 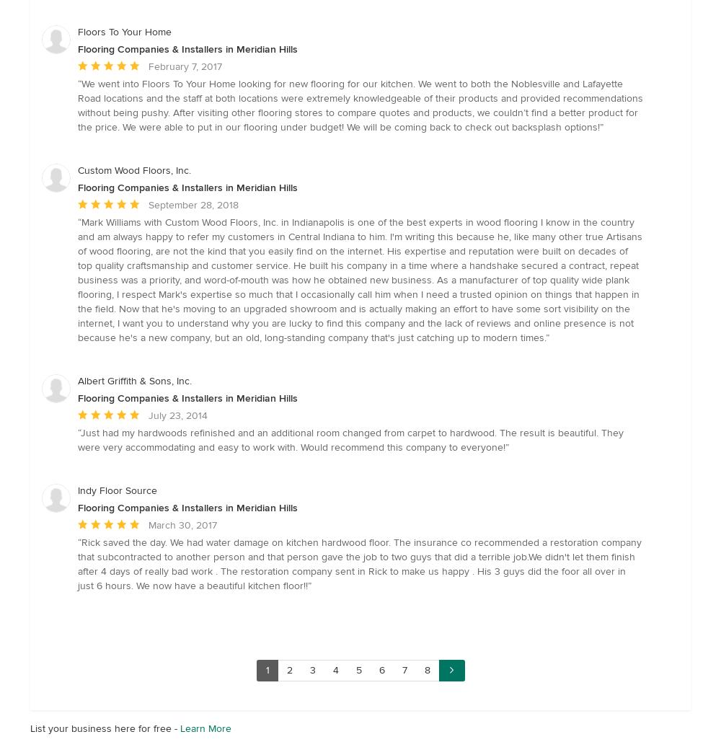 What do you see at coordinates (193, 205) in the screenshot?
I see `'September 28, 2018'` at bounding box center [193, 205].